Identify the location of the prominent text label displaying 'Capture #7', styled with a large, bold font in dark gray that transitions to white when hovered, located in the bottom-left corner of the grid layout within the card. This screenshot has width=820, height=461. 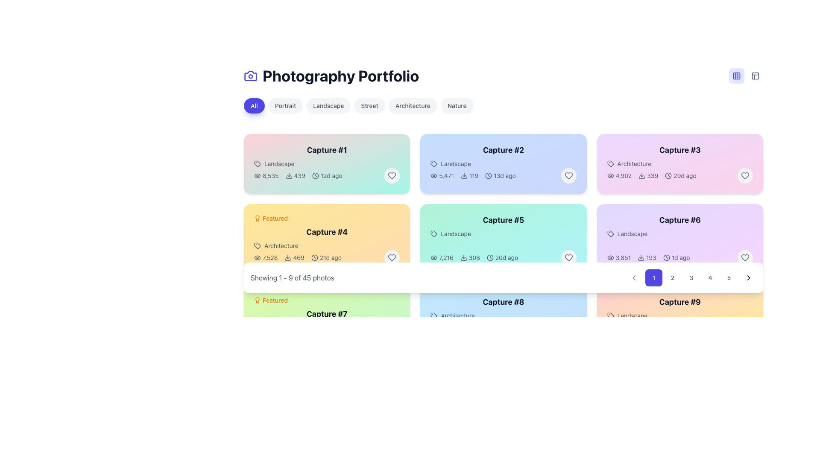
(326, 314).